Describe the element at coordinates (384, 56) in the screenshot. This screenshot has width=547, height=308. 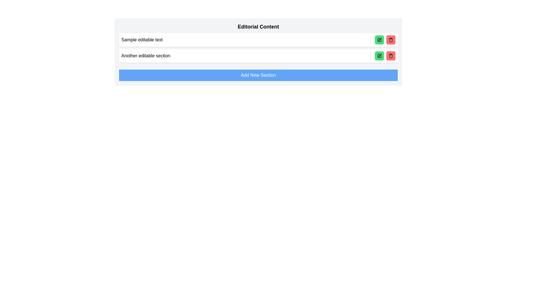
I see `the green pen icon button located at the far right of the panel labeled 'Another editable section'` at that location.